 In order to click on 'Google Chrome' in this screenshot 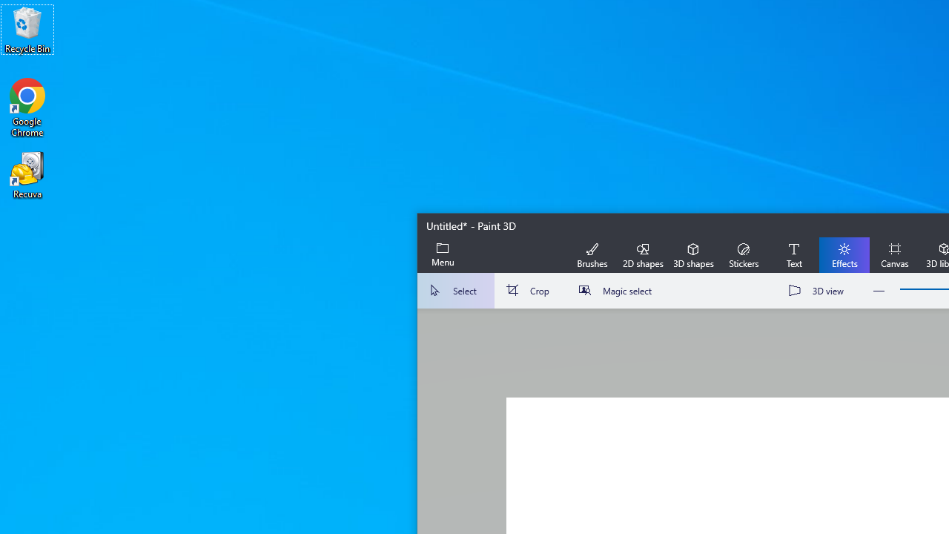, I will do `click(27, 107)`.